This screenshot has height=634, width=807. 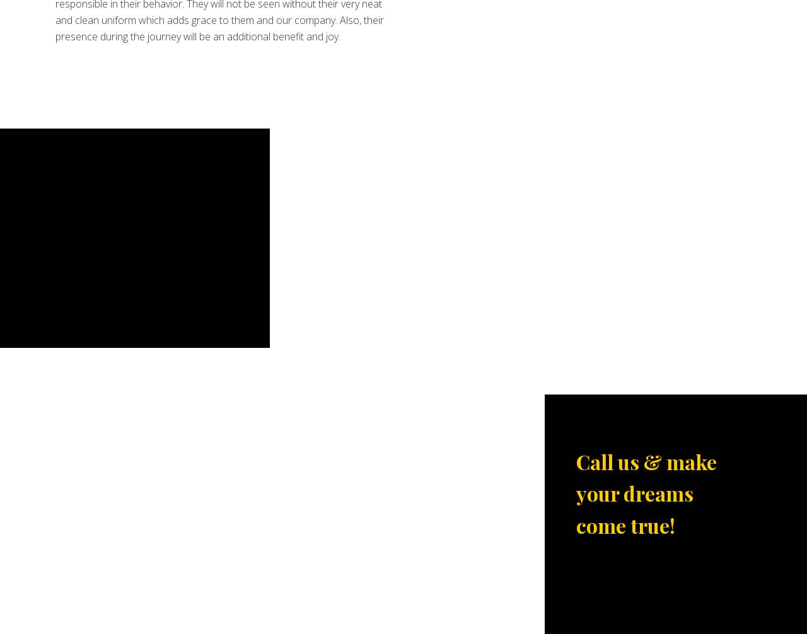 I want to click on 'Niagara Falls Tours', so click(x=97, y=540).